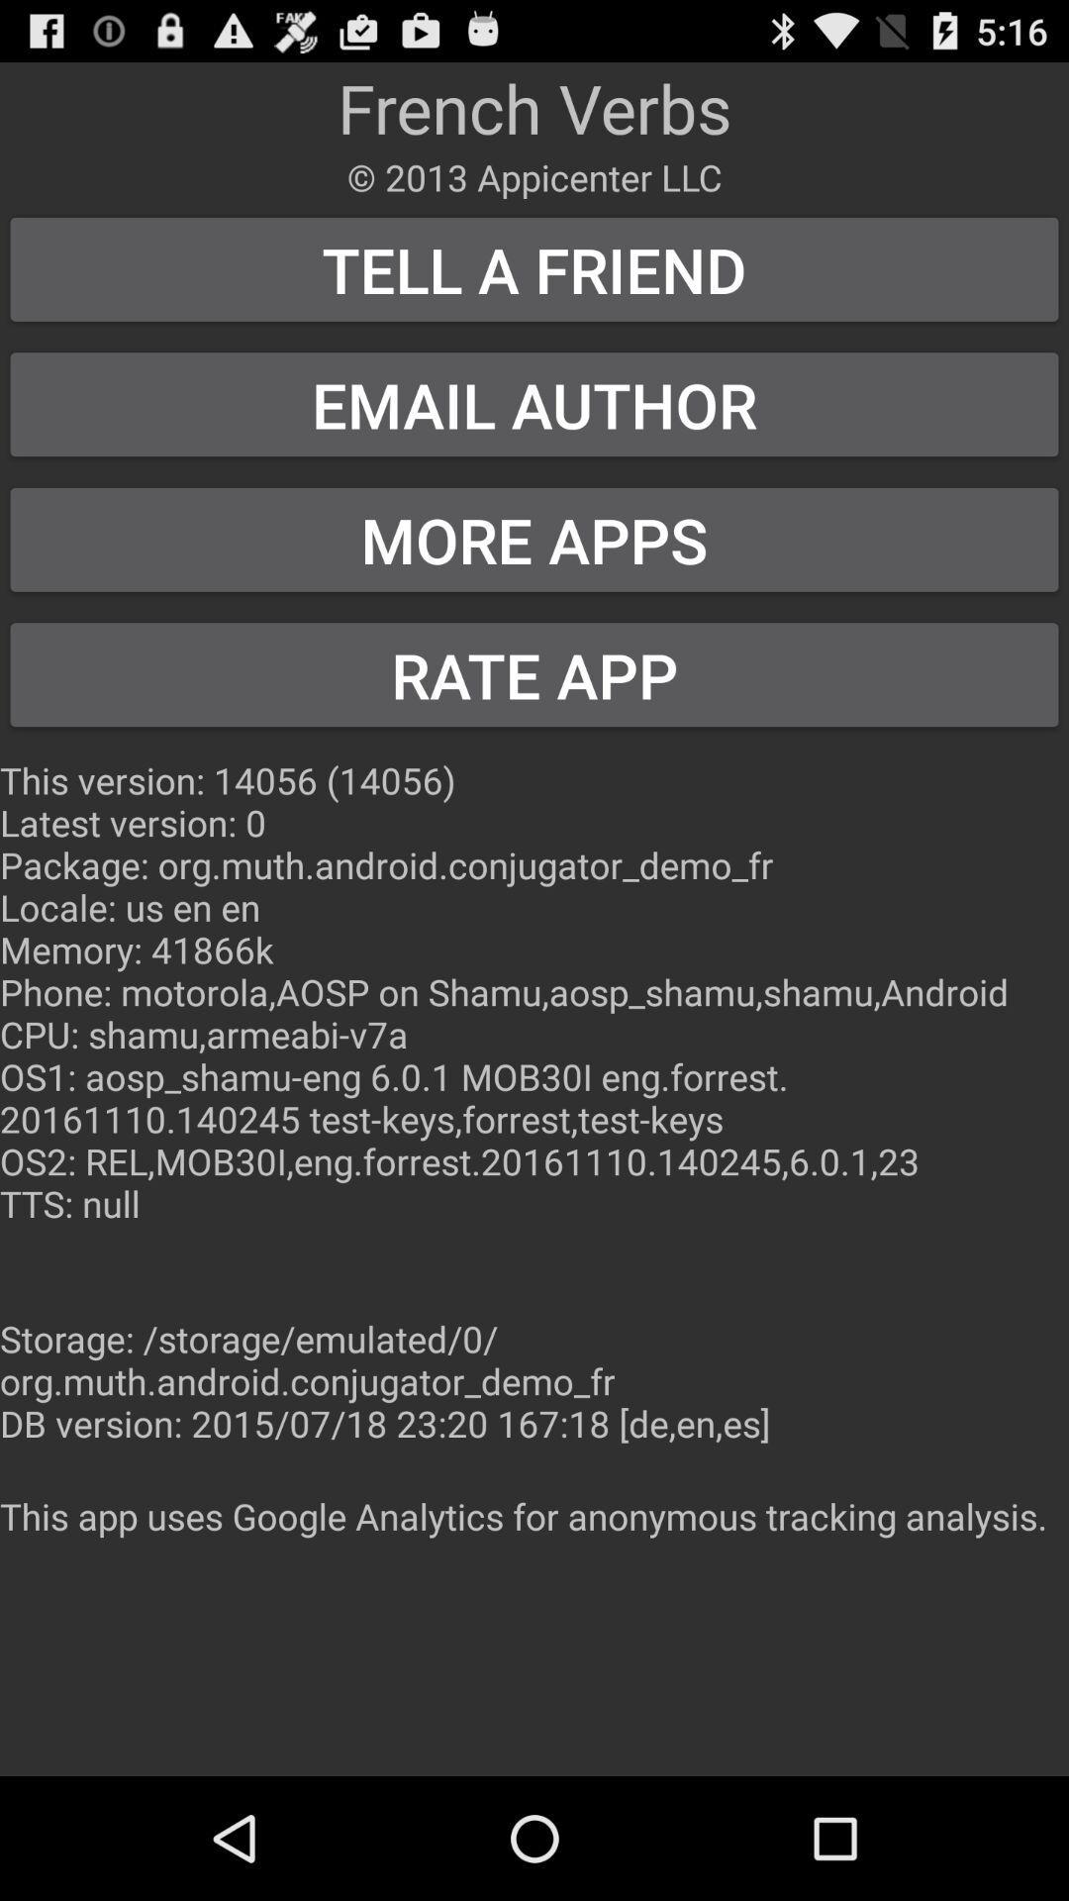 The width and height of the screenshot is (1069, 1901). What do you see at coordinates (534, 540) in the screenshot?
I see `more apps` at bounding box center [534, 540].